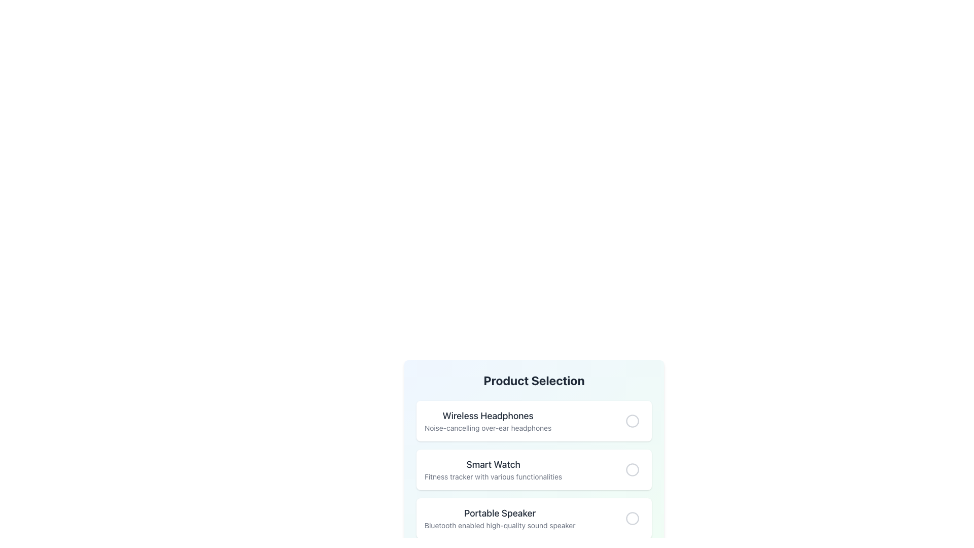  Describe the element at coordinates (488, 416) in the screenshot. I see `the text label displaying 'Wireless Headphones' in bold, large dark gray font, located at the top of a card section among a vertical list of options` at that location.